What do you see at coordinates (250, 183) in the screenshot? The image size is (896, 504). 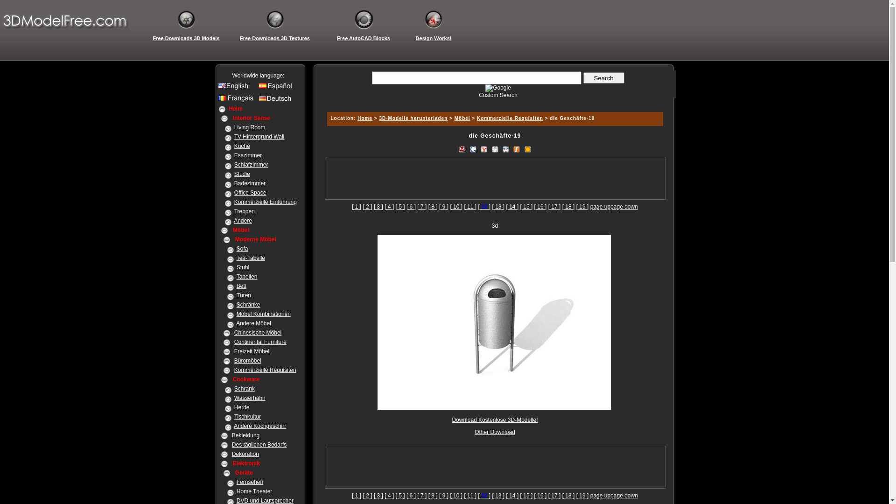 I see `'Badezimmer'` at bounding box center [250, 183].